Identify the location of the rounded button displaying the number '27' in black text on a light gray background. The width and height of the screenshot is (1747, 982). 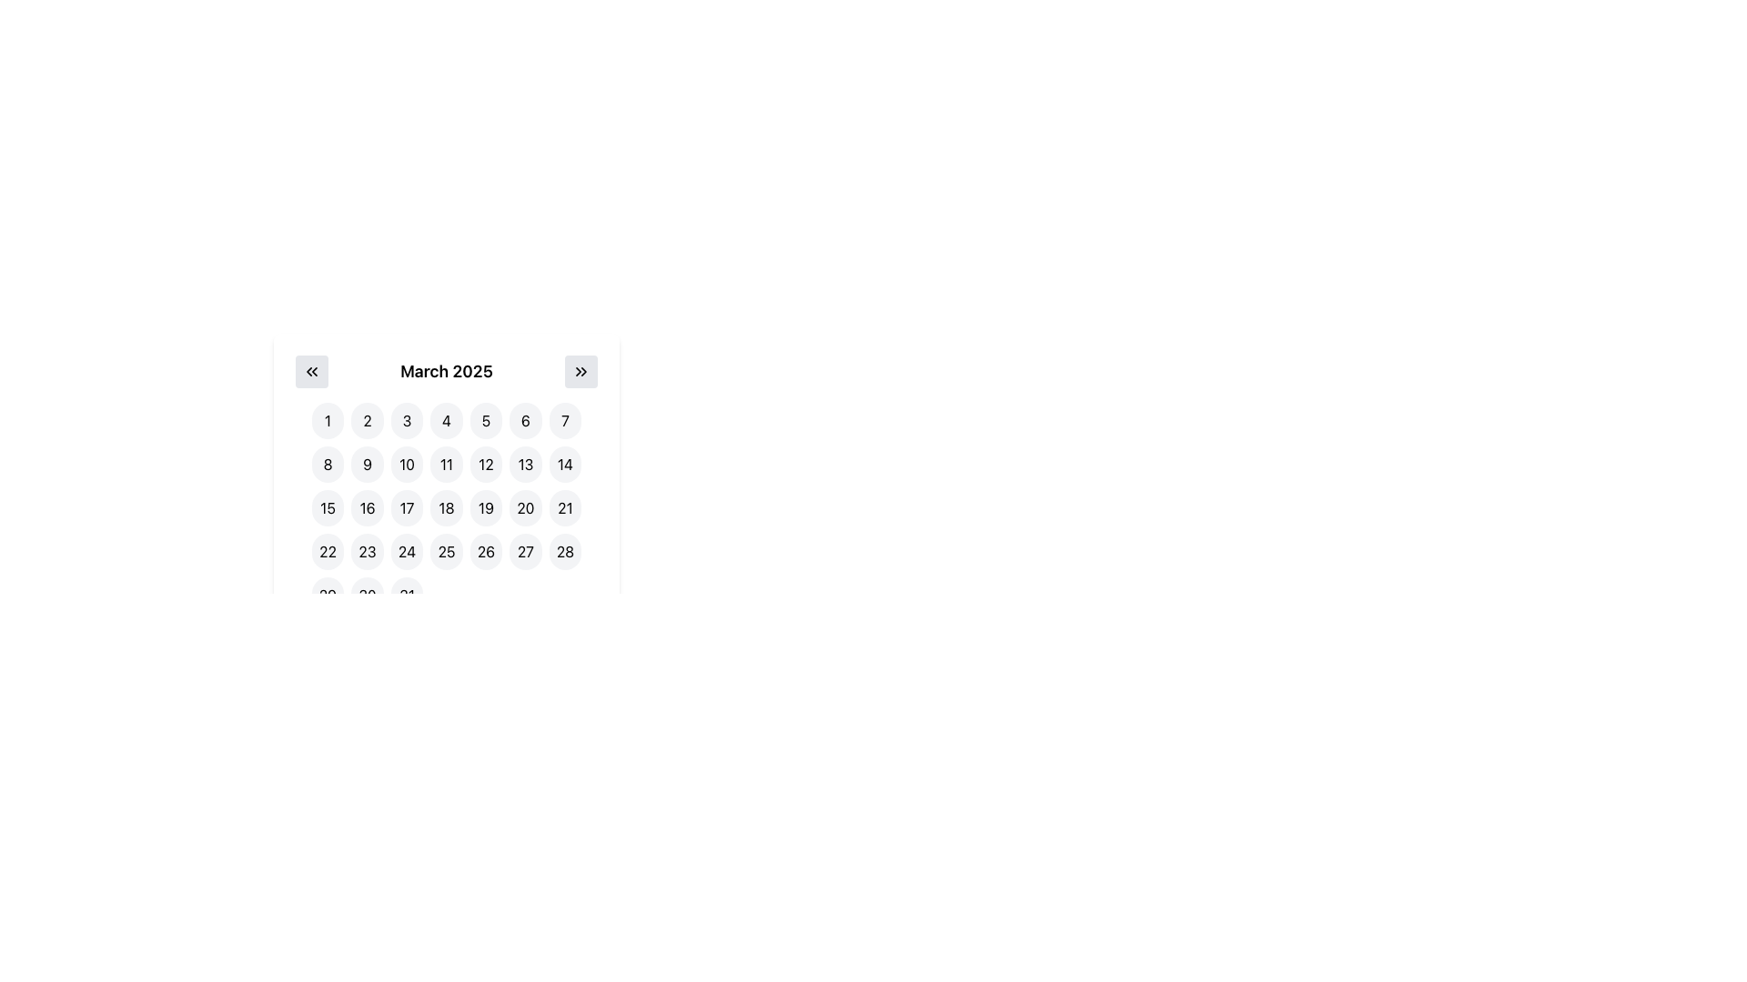
(524, 550).